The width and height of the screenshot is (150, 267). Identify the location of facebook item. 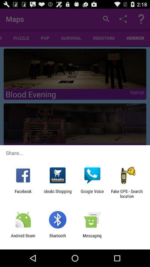
(23, 194).